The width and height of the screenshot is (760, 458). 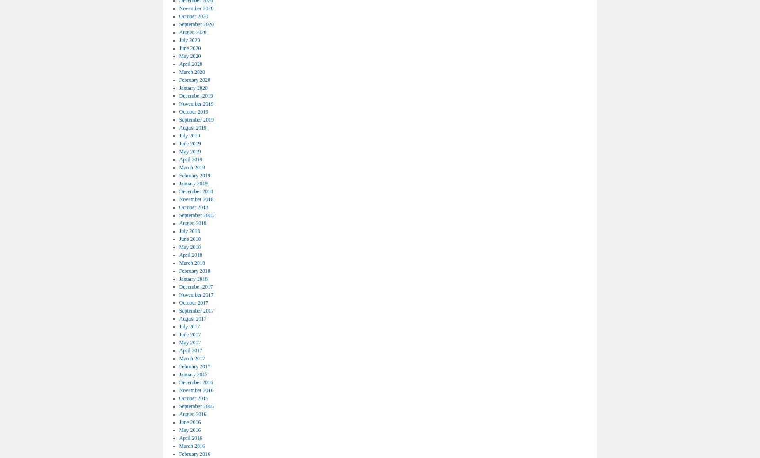 I want to click on 'November 2020', so click(x=195, y=8).